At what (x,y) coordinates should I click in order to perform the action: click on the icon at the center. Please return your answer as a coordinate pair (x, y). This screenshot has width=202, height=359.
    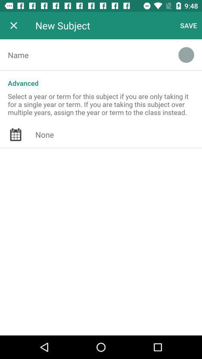
    Looking at the image, I should click on (119, 135).